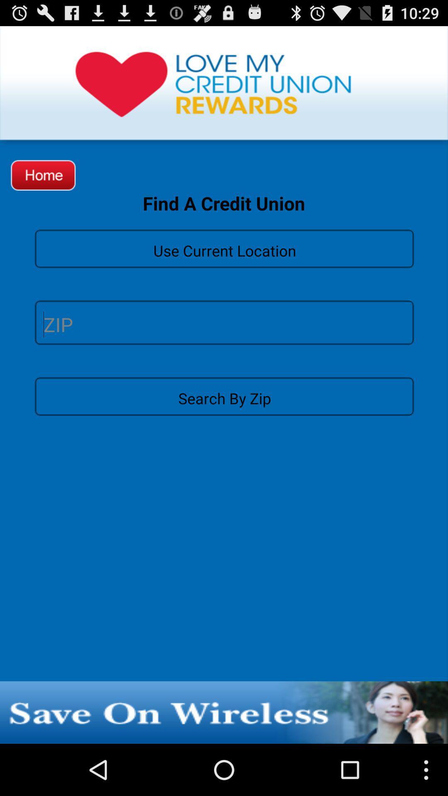 Image resolution: width=448 pixels, height=796 pixels. What do you see at coordinates (43, 175) in the screenshot?
I see `the icon next to the find a credit icon` at bounding box center [43, 175].